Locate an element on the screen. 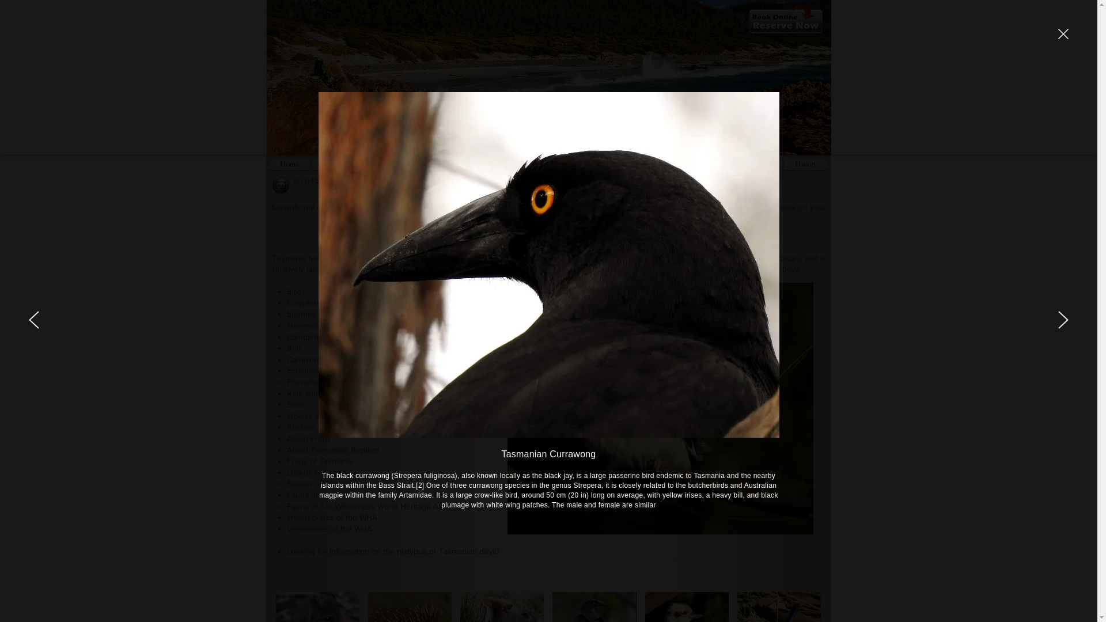 The width and height of the screenshot is (1106, 622). 'Accommodation' is located at coordinates (347, 164).